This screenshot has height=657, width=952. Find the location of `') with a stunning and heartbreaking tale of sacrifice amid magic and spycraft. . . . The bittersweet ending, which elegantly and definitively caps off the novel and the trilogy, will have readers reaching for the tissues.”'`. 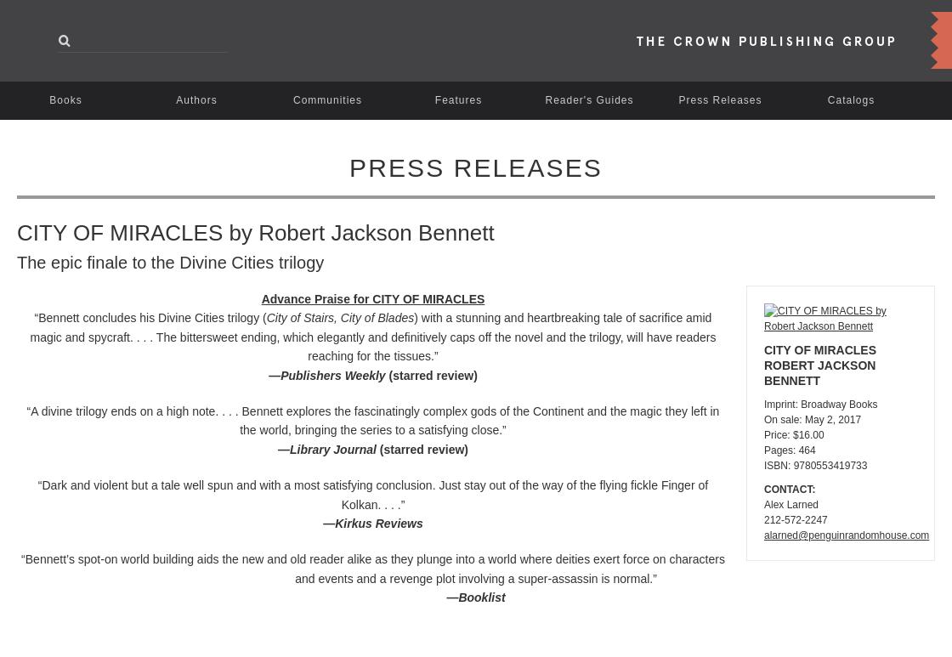

') with a stunning and heartbreaking tale of sacrifice amid magic and spycraft. . . . The bittersweet ending, which elegantly and definitively caps off the novel and the trilogy, will have readers reaching for the tissues.”' is located at coordinates (372, 336).